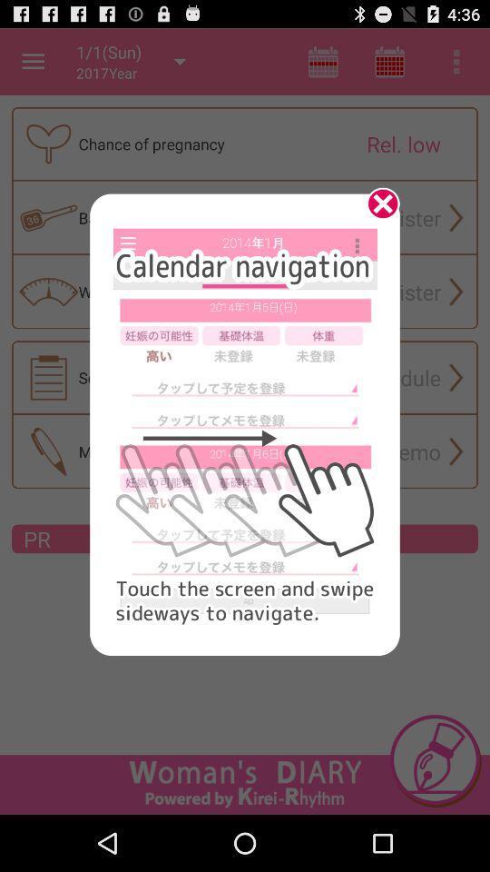  Describe the element at coordinates (376, 210) in the screenshot. I see `the item at the top right corner` at that location.